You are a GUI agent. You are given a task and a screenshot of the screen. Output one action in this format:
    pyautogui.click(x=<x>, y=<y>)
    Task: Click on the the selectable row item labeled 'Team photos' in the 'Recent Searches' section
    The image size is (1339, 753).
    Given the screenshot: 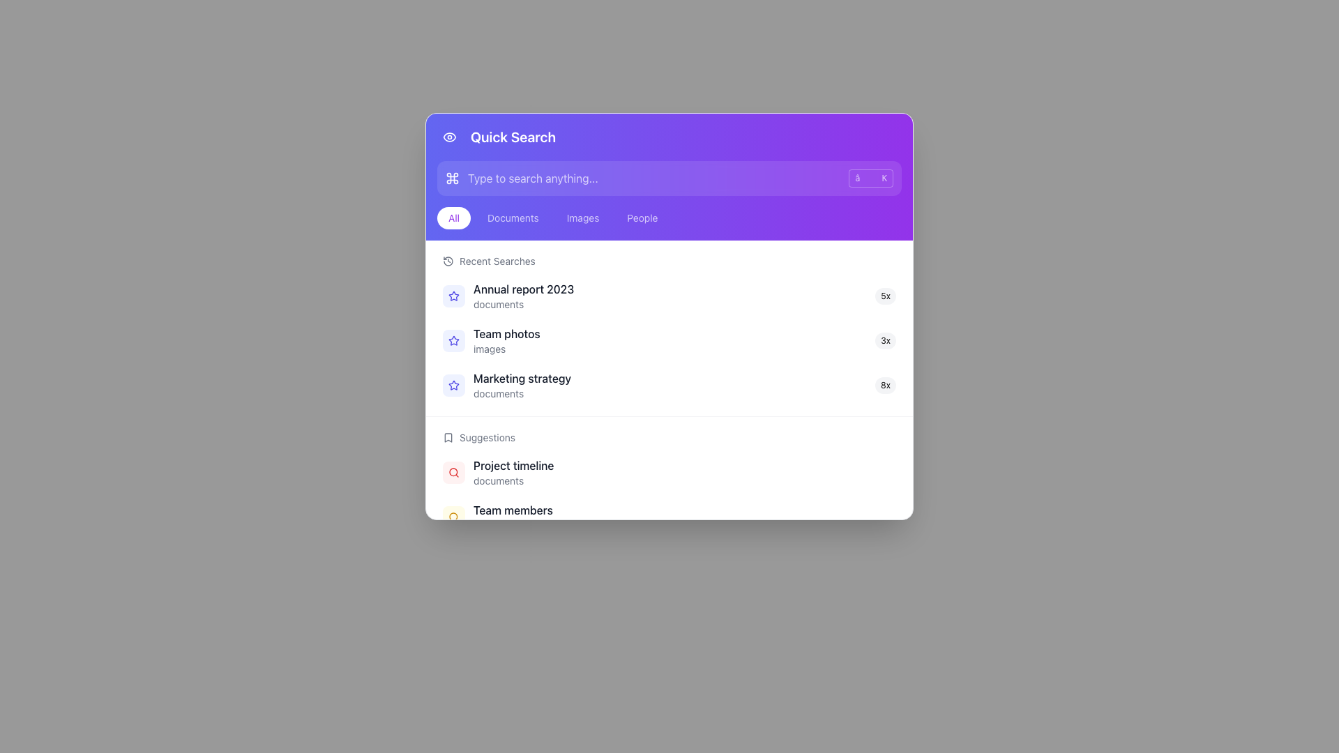 What is the action you would take?
    pyautogui.click(x=669, y=341)
    